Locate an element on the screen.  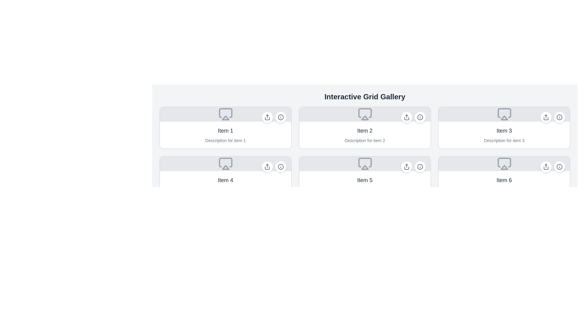
the Grid Item Card located in the second row, third column of the grid layout, which provides a title and description about the item is located at coordinates (504, 177).